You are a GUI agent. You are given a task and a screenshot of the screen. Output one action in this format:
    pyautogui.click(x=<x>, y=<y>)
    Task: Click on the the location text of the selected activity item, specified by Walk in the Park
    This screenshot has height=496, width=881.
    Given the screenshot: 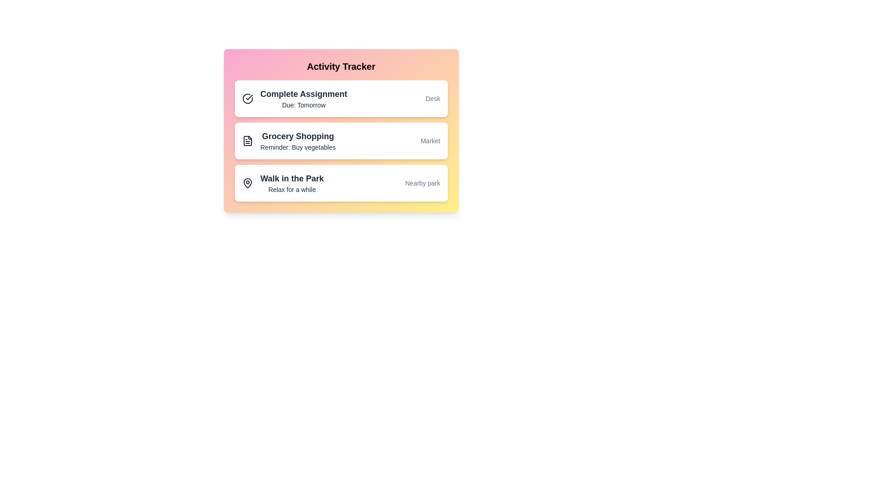 What is the action you would take?
    pyautogui.click(x=422, y=183)
    